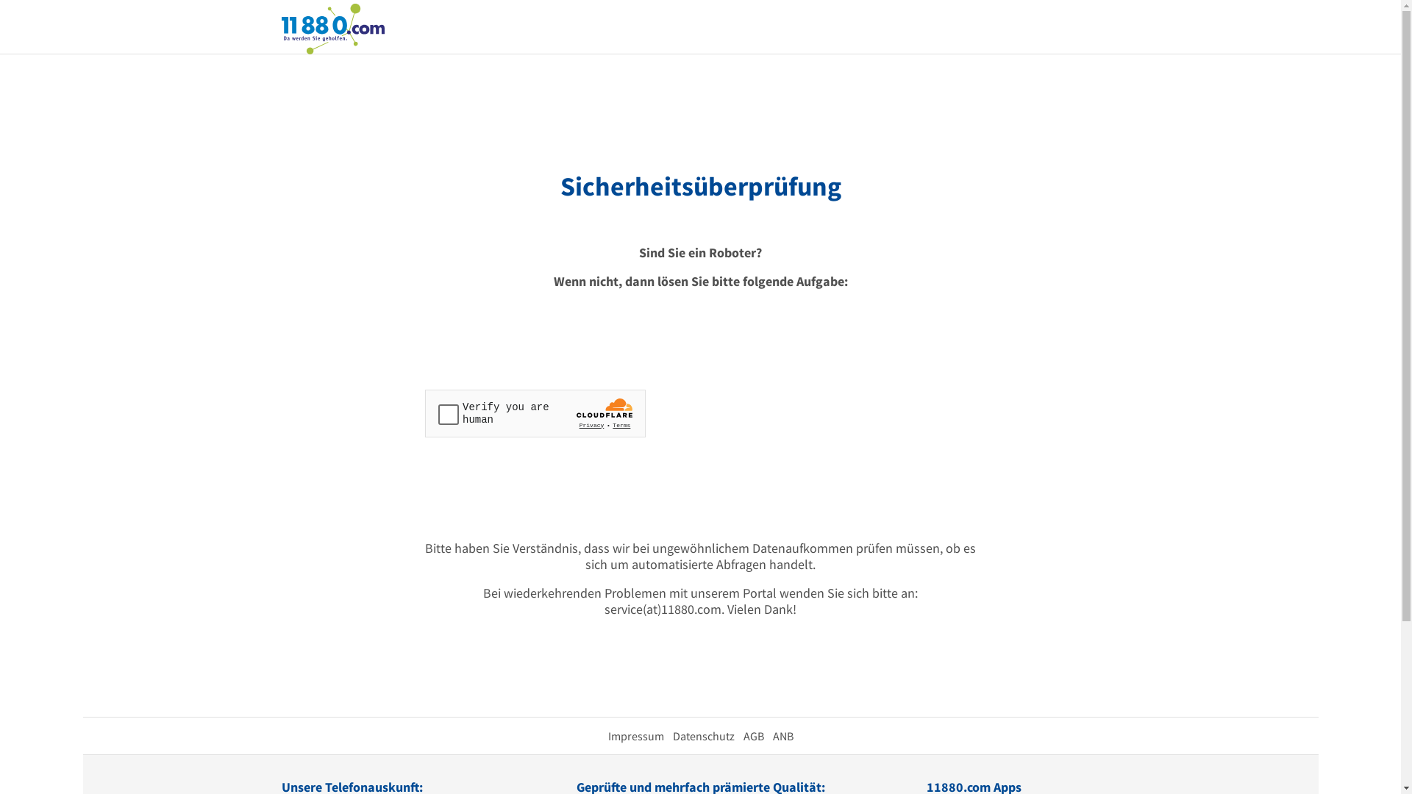 This screenshot has height=794, width=1412. I want to click on 'Datenschutz', so click(702, 736).